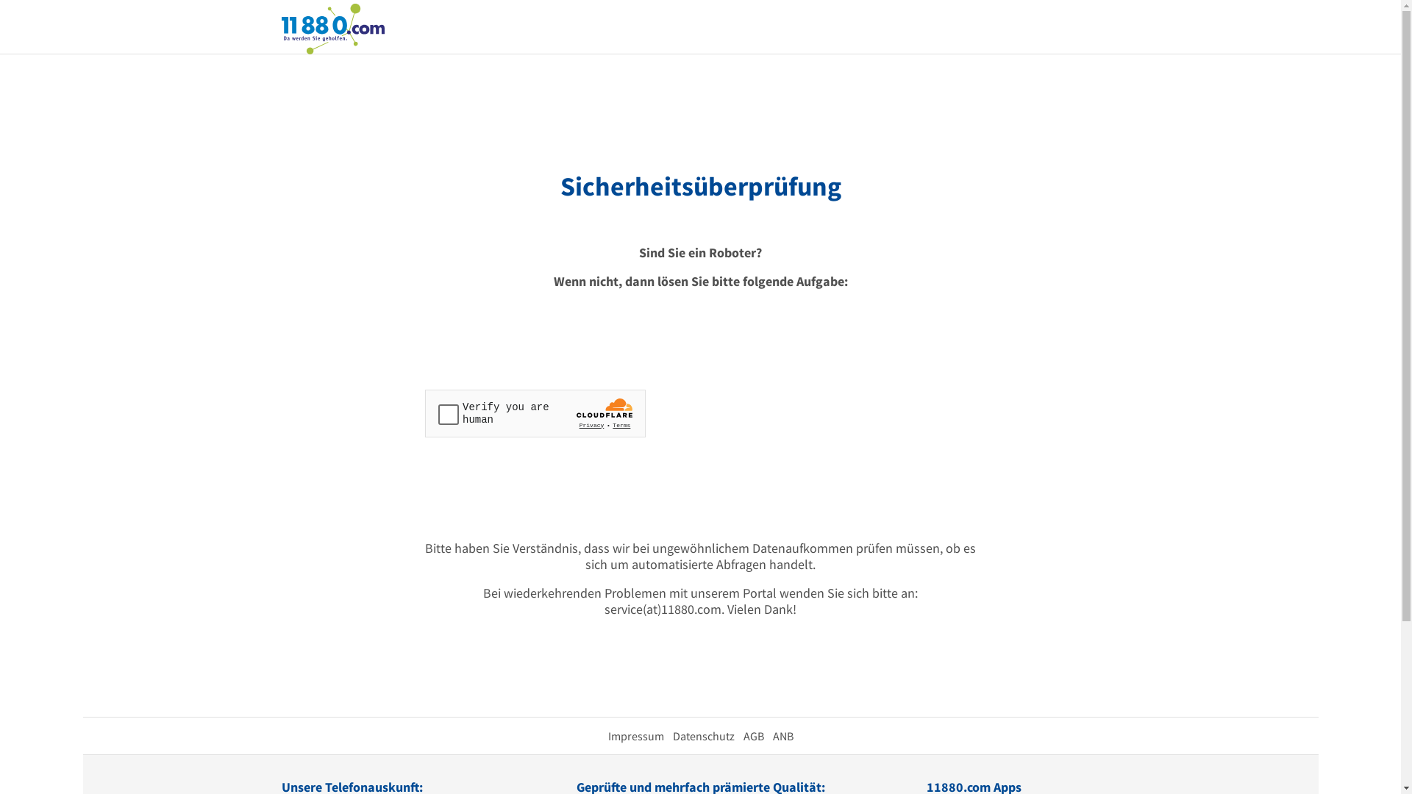 This screenshot has height=794, width=1412. I want to click on 'Datenschutz', so click(702, 736).